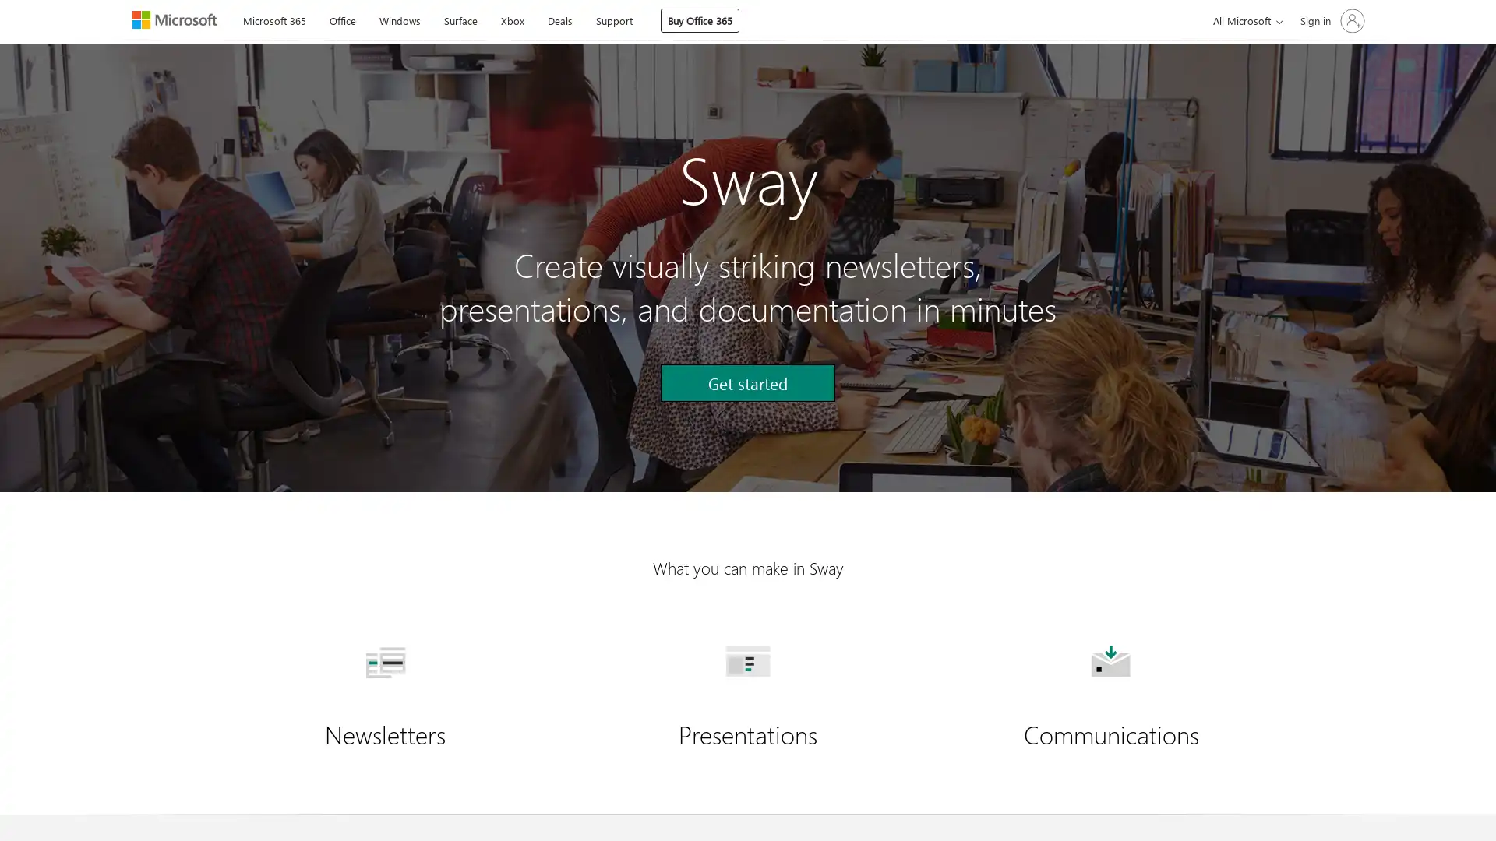 The image size is (1496, 841). Describe the element at coordinates (1244, 20) in the screenshot. I see `All Microsoft expand to see list of Microsoft products and services` at that location.